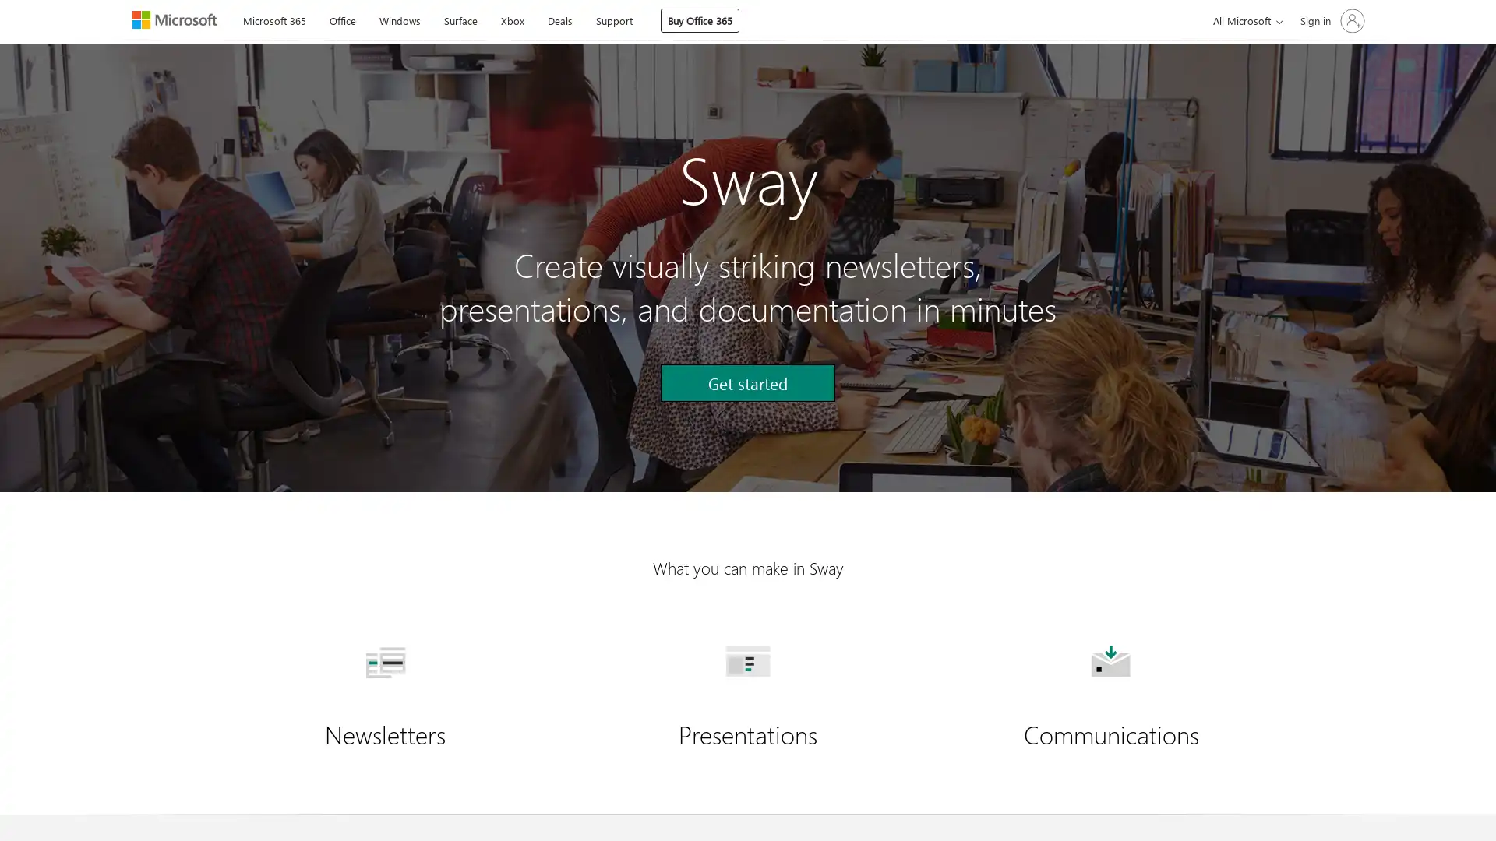 The image size is (1496, 841). Describe the element at coordinates (1244, 20) in the screenshot. I see `All Microsoft expand to see list of Microsoft products and services` at that location.